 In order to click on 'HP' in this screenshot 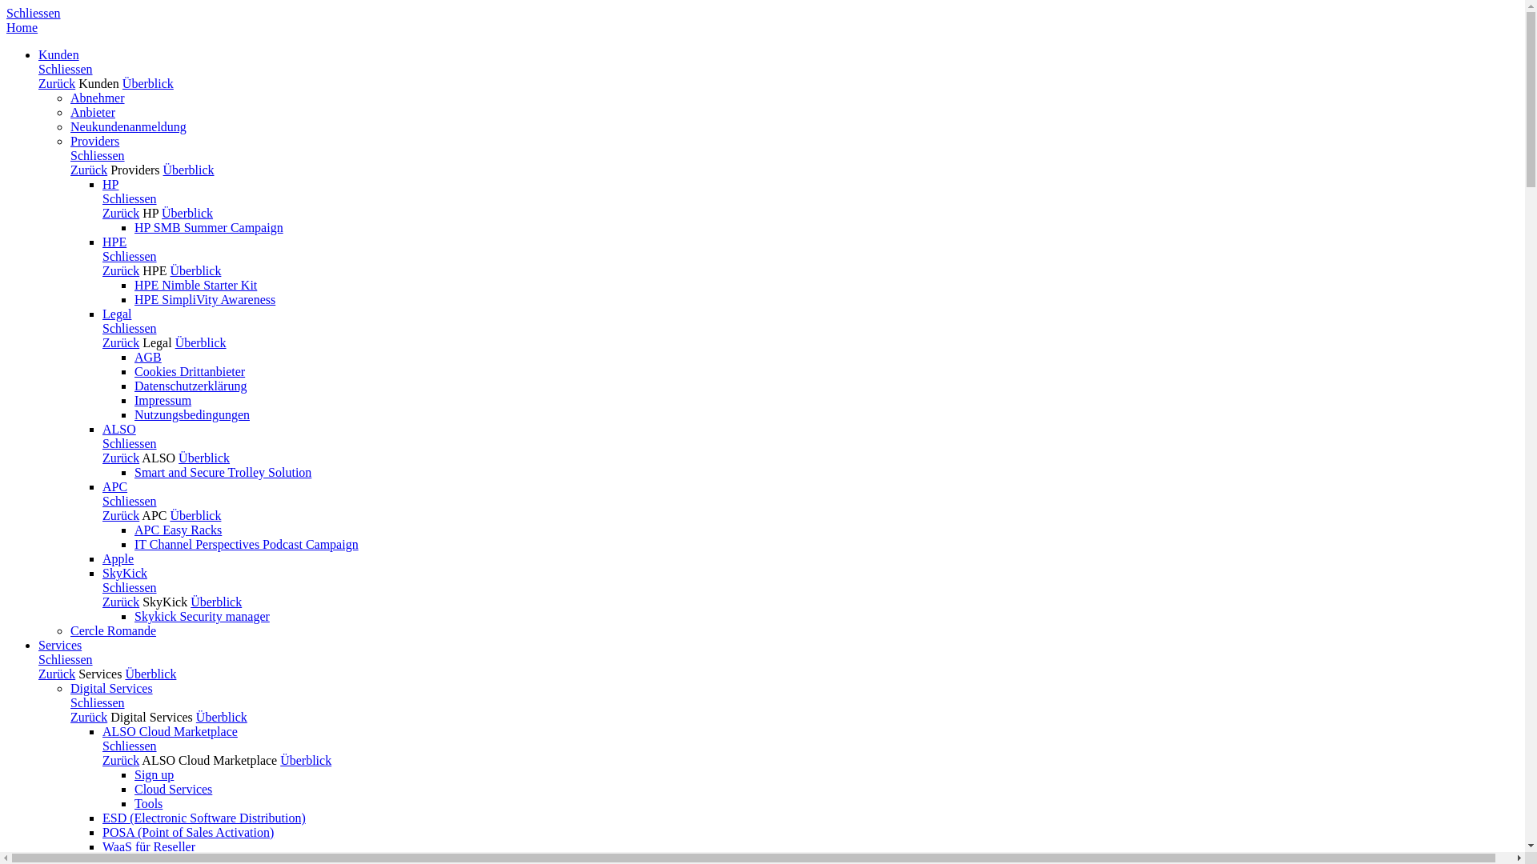, I will do `click(110, 183)`.